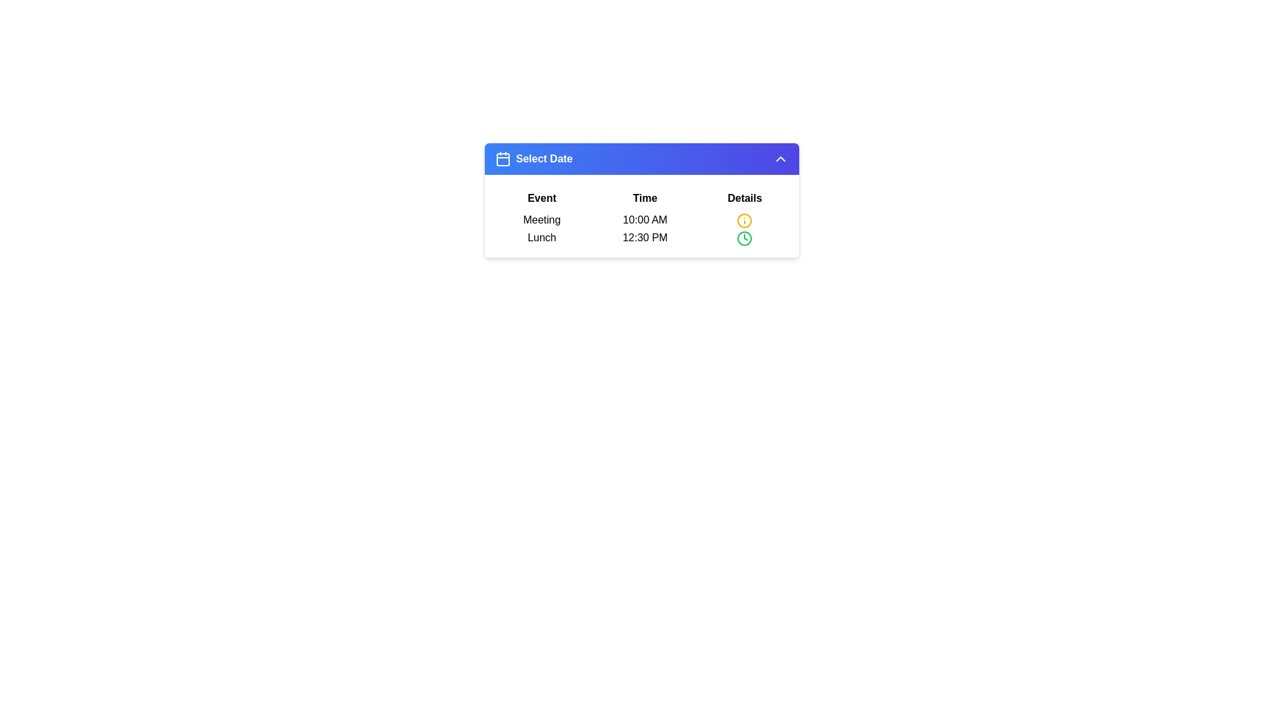 Image resolution: width=1263 pixels, height=710 pixels. I want to click on text content of the List Item conveying information about the event labeled 'Meeting' scheduled at 10:00 AM, located in the first row of the event table, so click(641, 220).